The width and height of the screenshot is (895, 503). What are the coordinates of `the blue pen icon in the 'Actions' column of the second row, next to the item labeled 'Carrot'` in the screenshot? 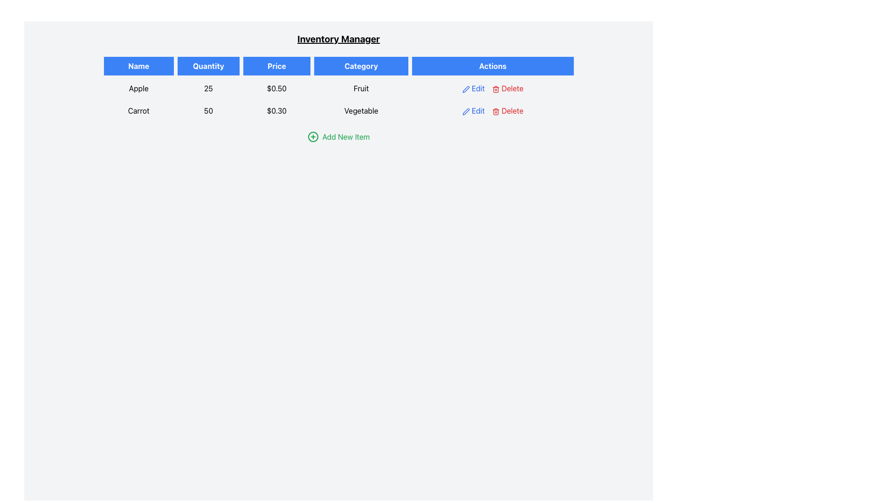 It's located at (466, 89).